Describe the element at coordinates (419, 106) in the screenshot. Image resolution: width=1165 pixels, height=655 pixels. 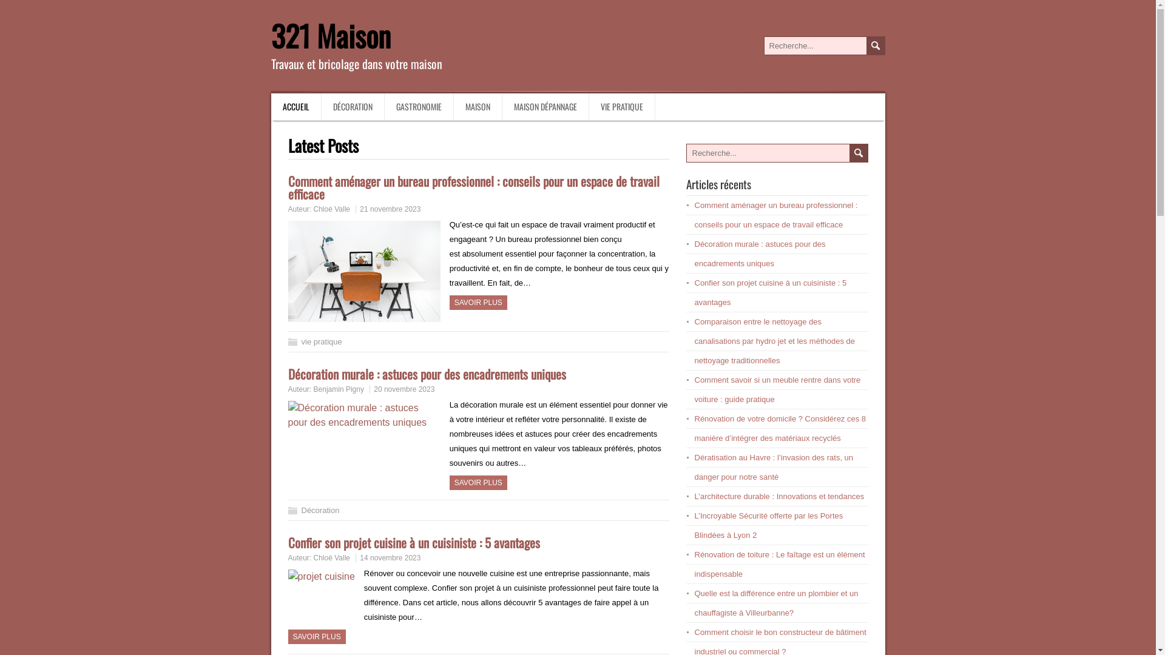
I see `'GASTRONOMIE'` at that location.